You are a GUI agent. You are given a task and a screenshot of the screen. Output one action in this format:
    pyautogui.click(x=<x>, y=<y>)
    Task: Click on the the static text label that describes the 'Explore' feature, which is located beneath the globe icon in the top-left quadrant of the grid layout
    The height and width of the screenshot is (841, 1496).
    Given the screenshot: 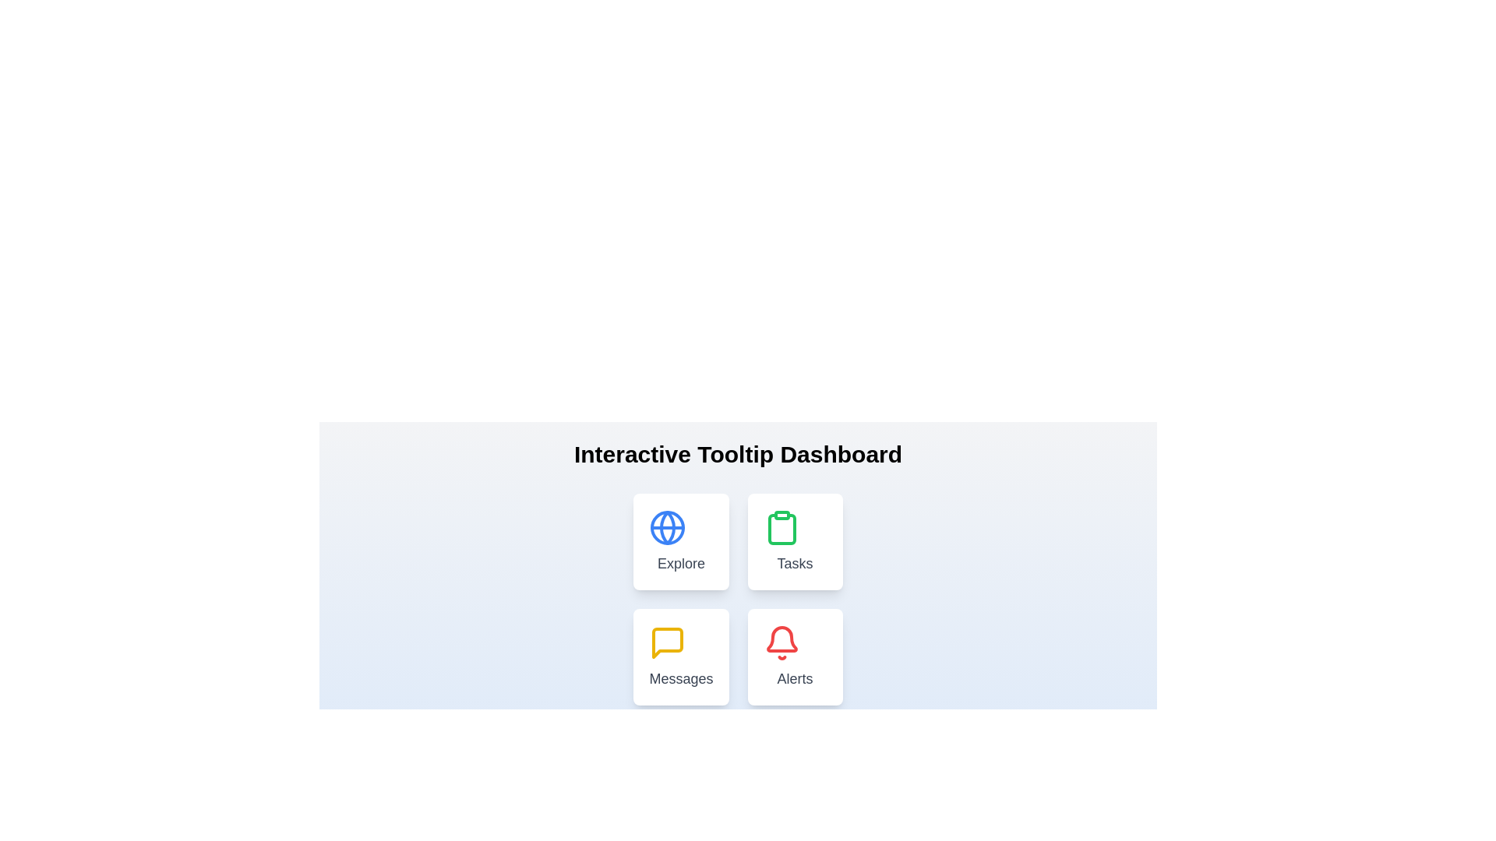 What is the action you would take?
    pyautogui.click(x=681, y=564)
    